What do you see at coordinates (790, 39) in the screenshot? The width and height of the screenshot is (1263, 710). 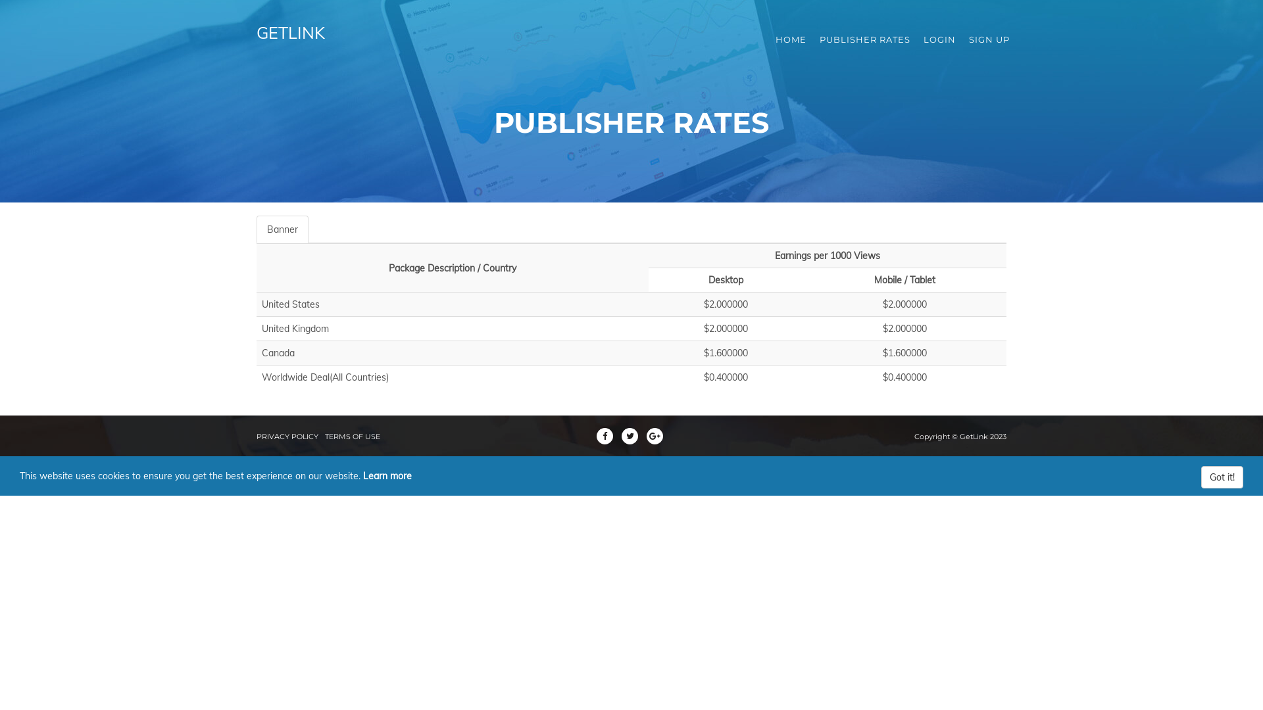 I see `'HOME'` at bounding box center [790, 39].